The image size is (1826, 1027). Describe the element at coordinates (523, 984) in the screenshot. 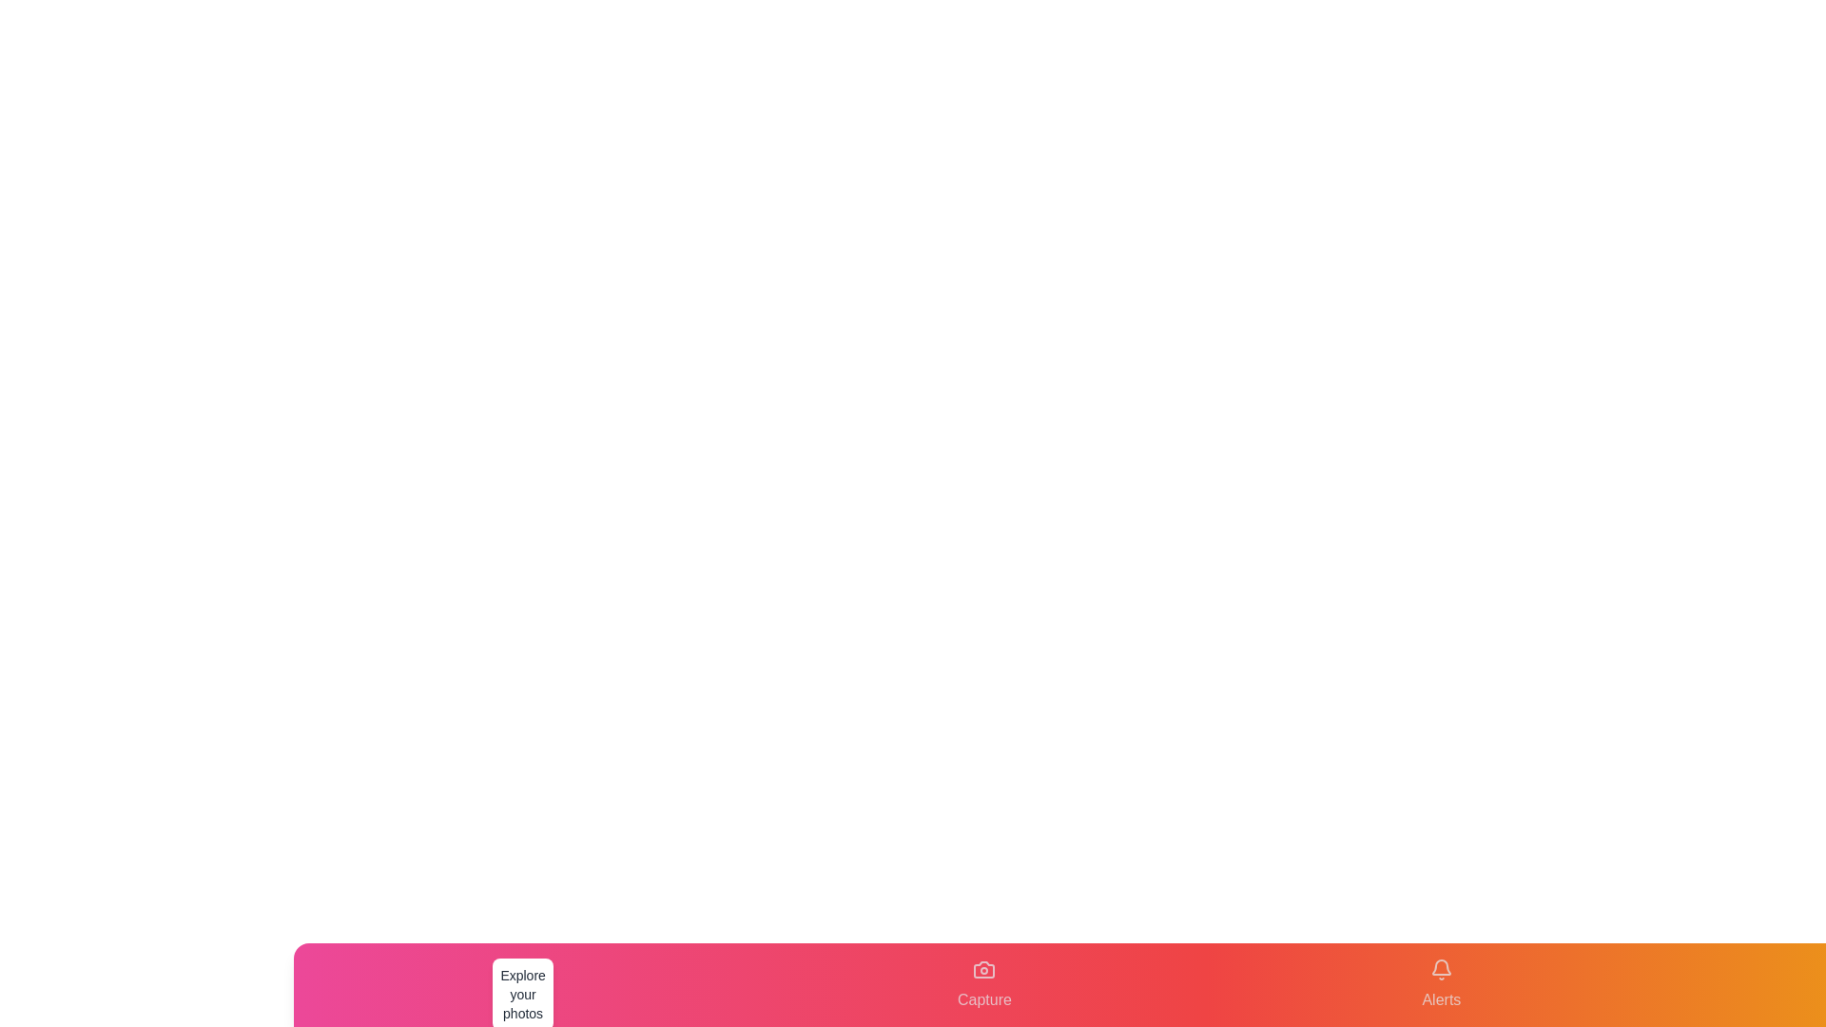

I see `the tab labeled Gallery to observe the visual feedback` at that location.